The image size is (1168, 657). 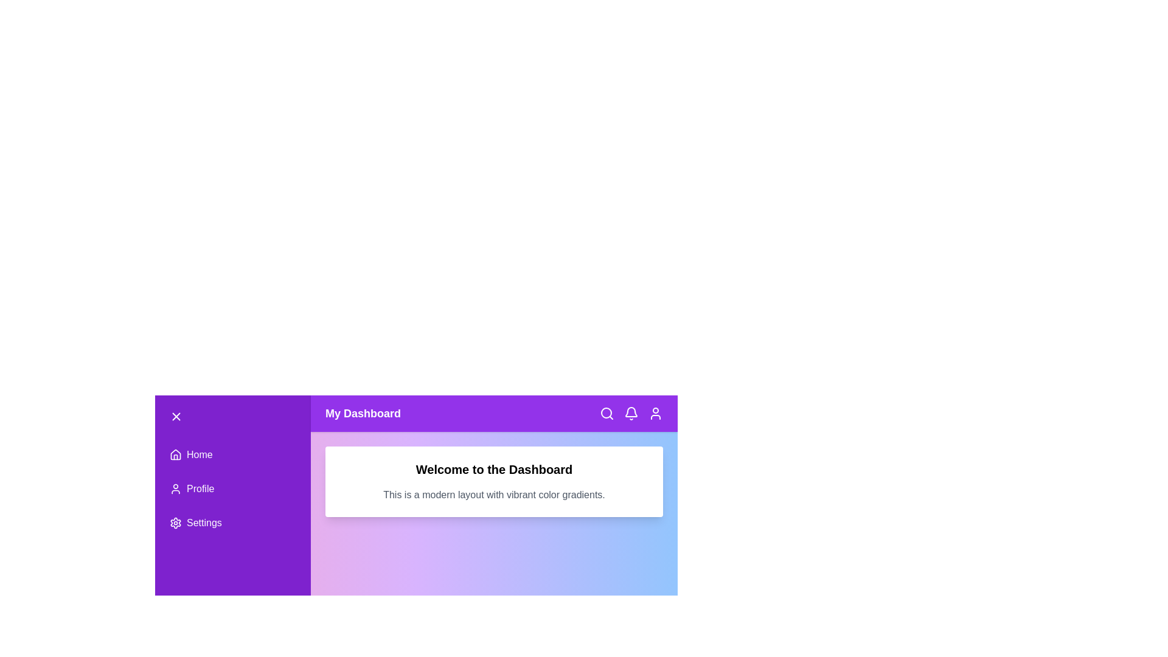 I want to click on the search icon in the app bar, so click(x=607, y=412).